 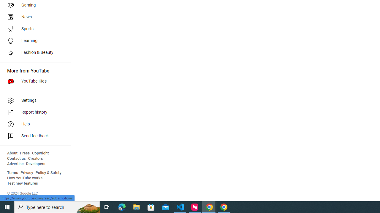 I want to click on 'Fashion & Beauty', so click(x=33, y=52).